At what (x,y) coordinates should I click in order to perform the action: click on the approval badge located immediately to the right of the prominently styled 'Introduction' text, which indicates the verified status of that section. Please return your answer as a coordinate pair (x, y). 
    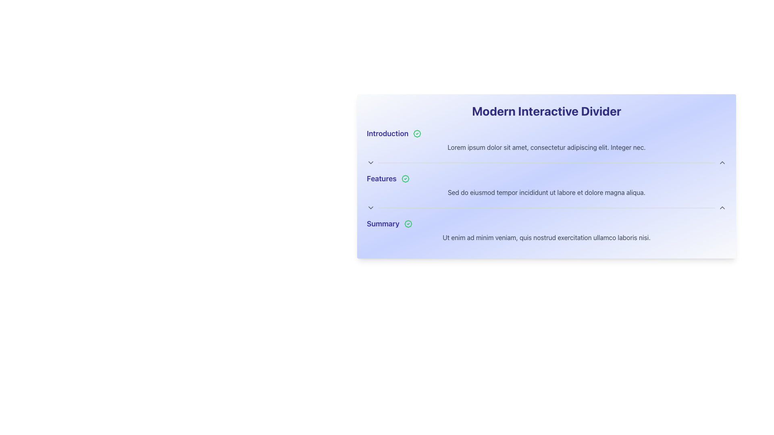
    Looking at the image, I should click on (417, 133).